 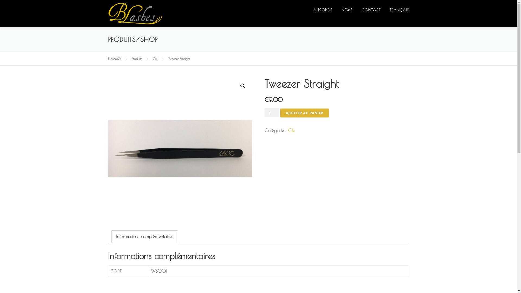 I want to click on 'AJOUTER AU PANIER', so click(x=304, y=113).